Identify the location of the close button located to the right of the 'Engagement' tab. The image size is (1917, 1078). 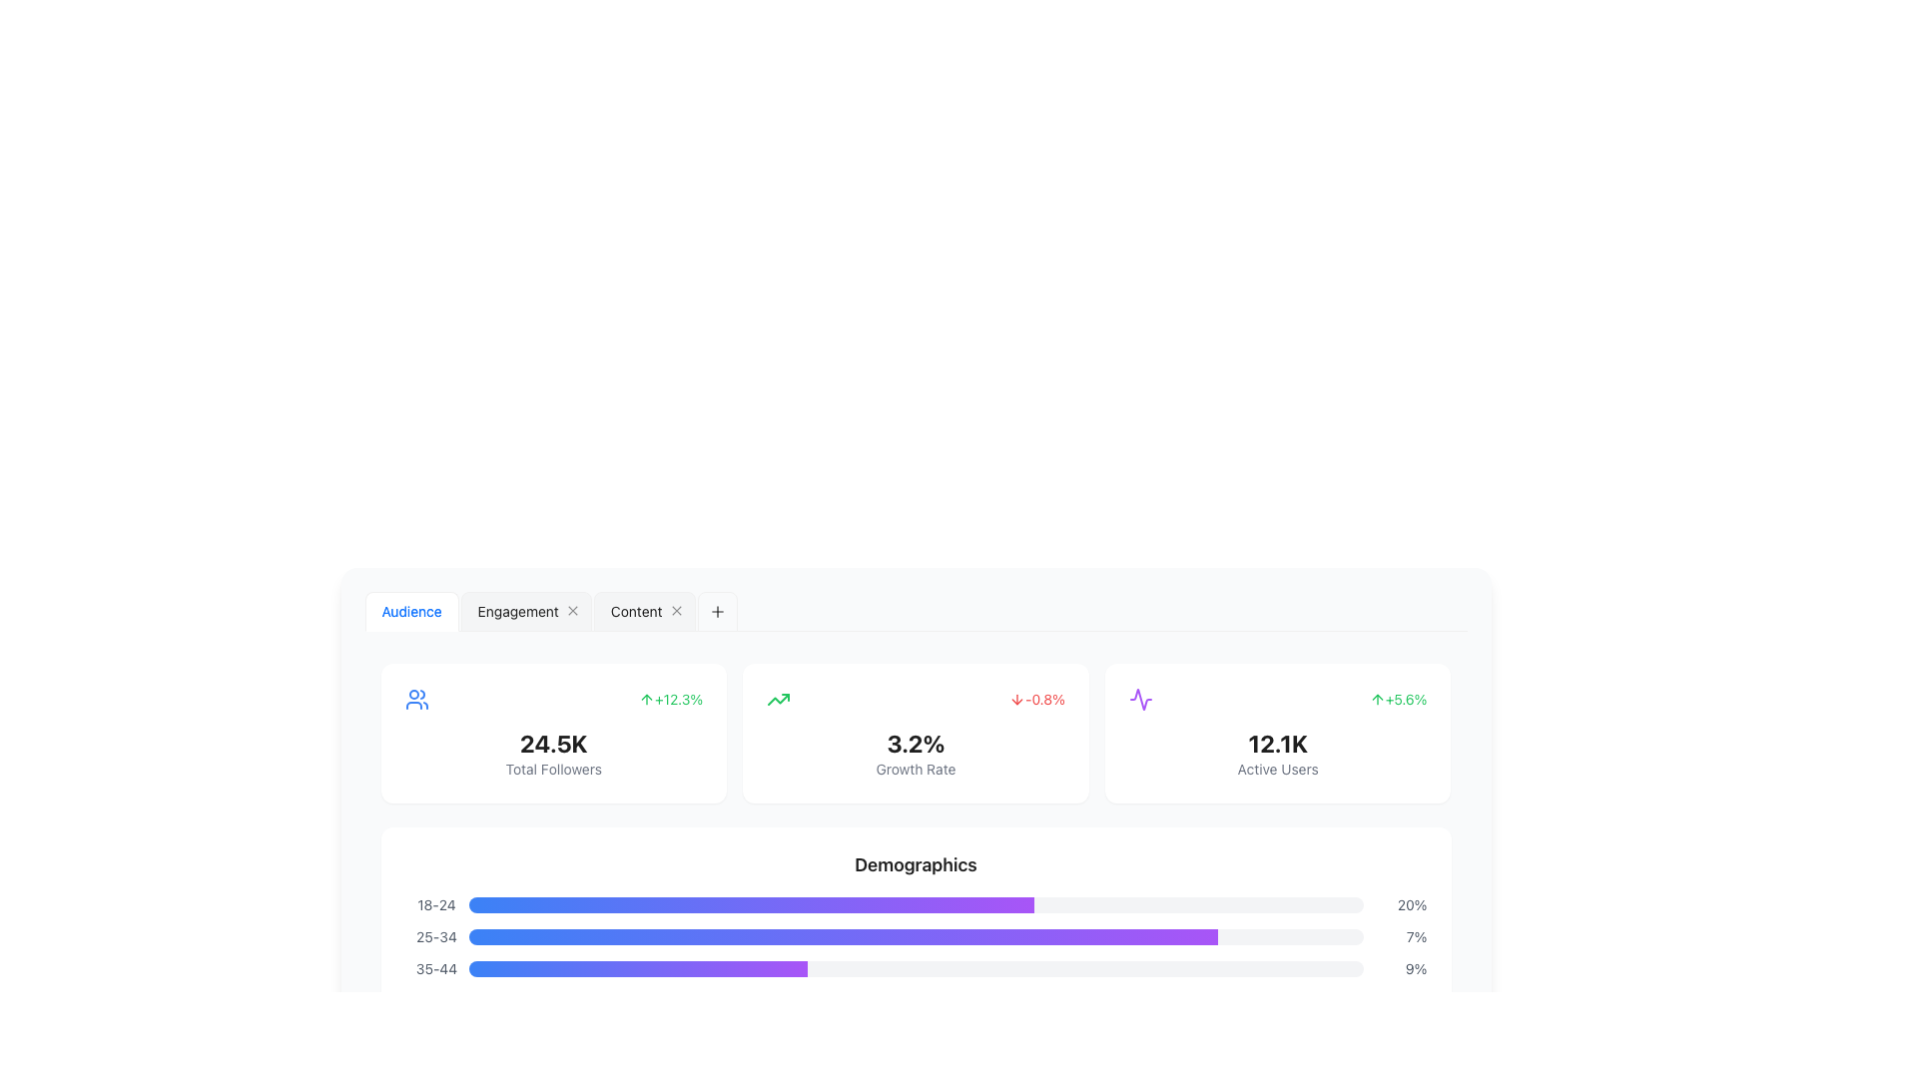
(571, 610).